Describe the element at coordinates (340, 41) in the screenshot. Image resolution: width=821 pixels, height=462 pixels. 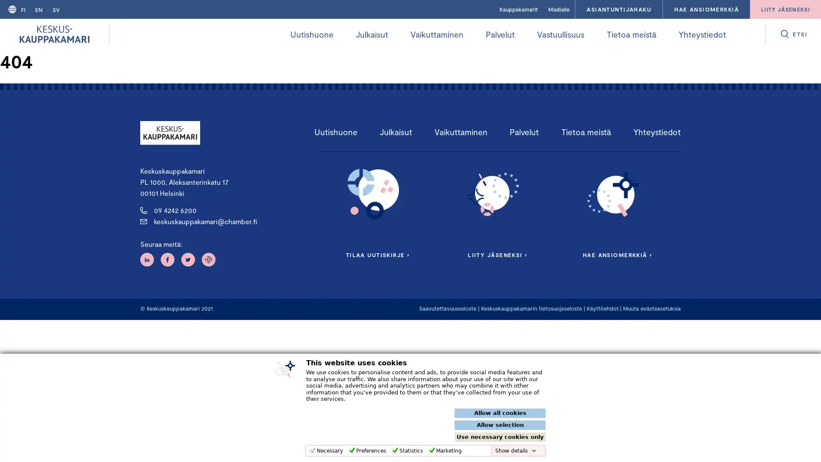
I see `Avaa alivalikko kohteelle Uutishuone` at that location.